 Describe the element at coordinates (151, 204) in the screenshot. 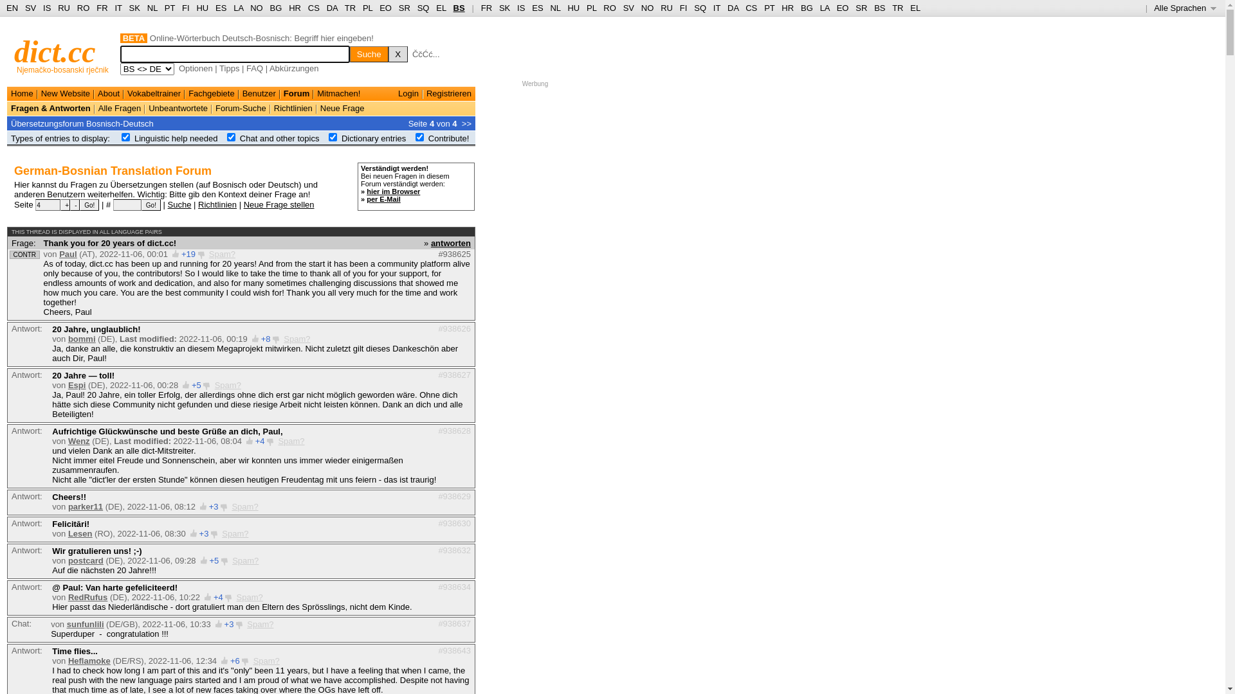

I see `'Go!'` at that location.